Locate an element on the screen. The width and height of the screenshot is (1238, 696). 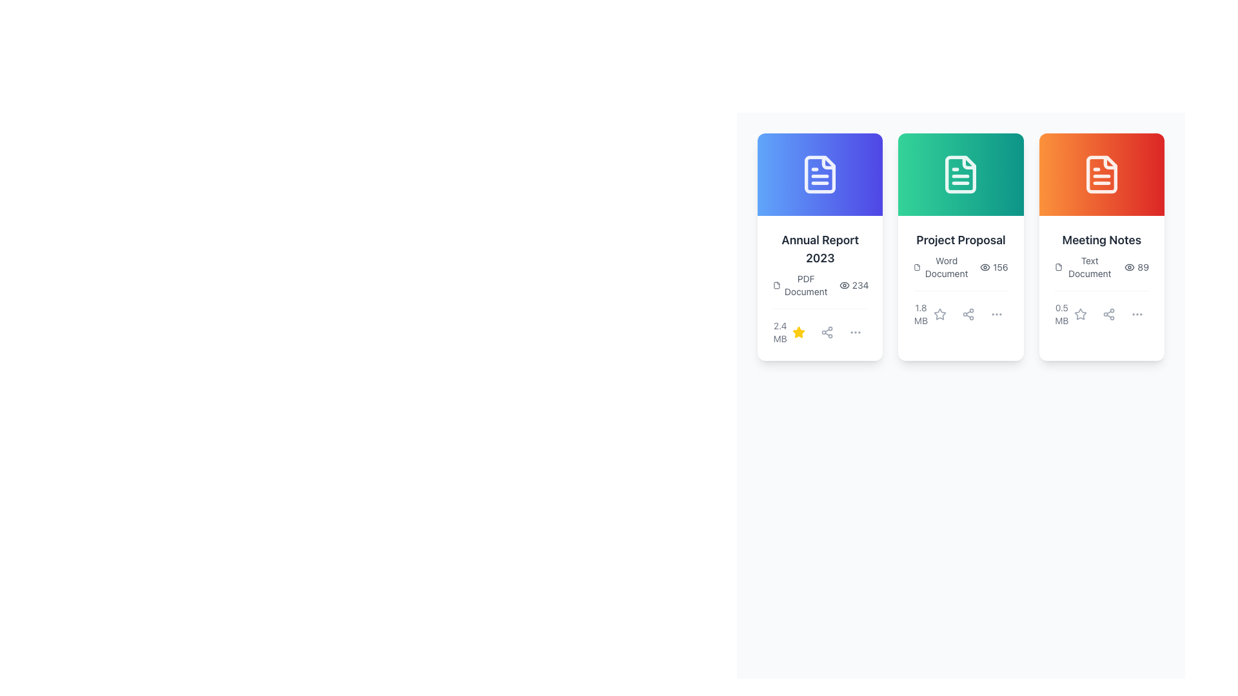
the small decorative SVG component that represents a folded corner of the document within the 'Project Proposal' icon, located at the top-right corner of the icon in the second card with a green background is located at coordinates (969, 162).